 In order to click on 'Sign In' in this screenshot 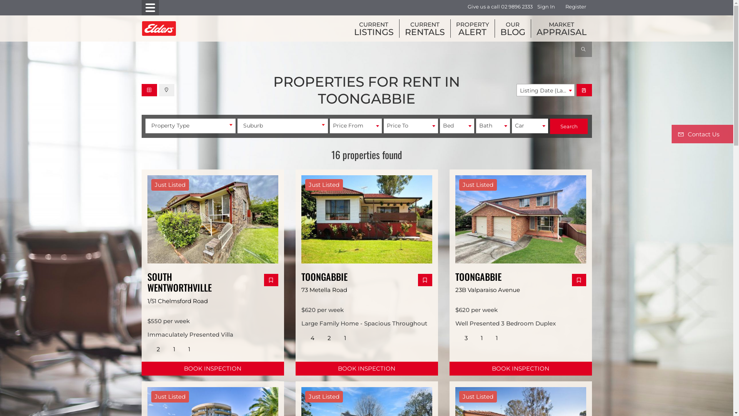, I will do `click(546, 7)`.